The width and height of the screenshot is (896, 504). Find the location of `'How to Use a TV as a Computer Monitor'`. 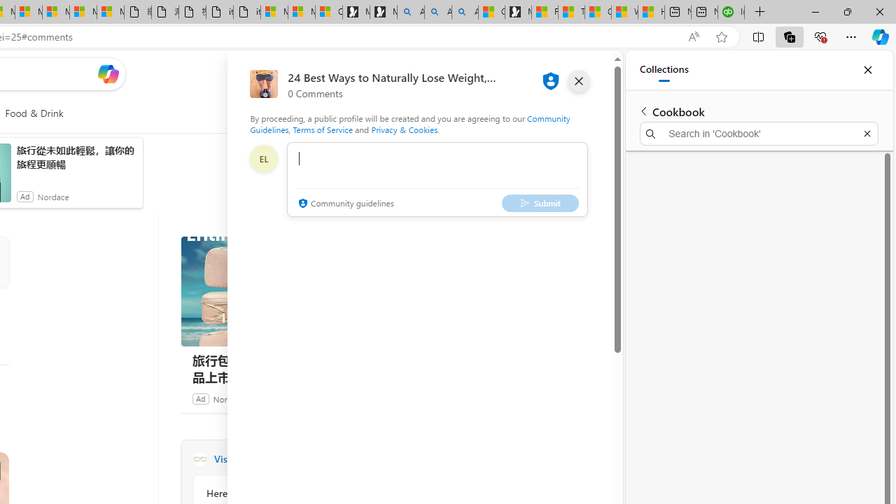

'How to Use a TV as a Computer Monitor' is located at coordinates (650, 12).